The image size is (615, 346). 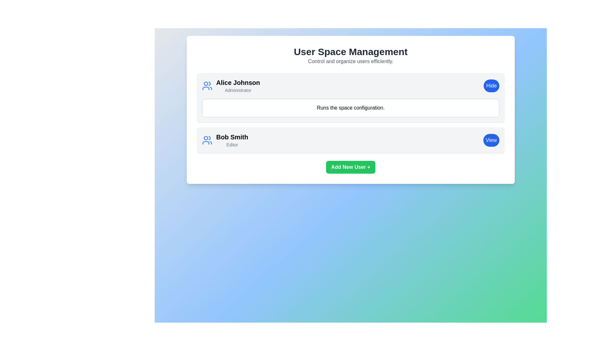 I want to click on the text label displaying 'Bob Smith', which is styled in bold font and positioned in the user management interface above the smaller text 'Editor', so click(x=232, y=137).